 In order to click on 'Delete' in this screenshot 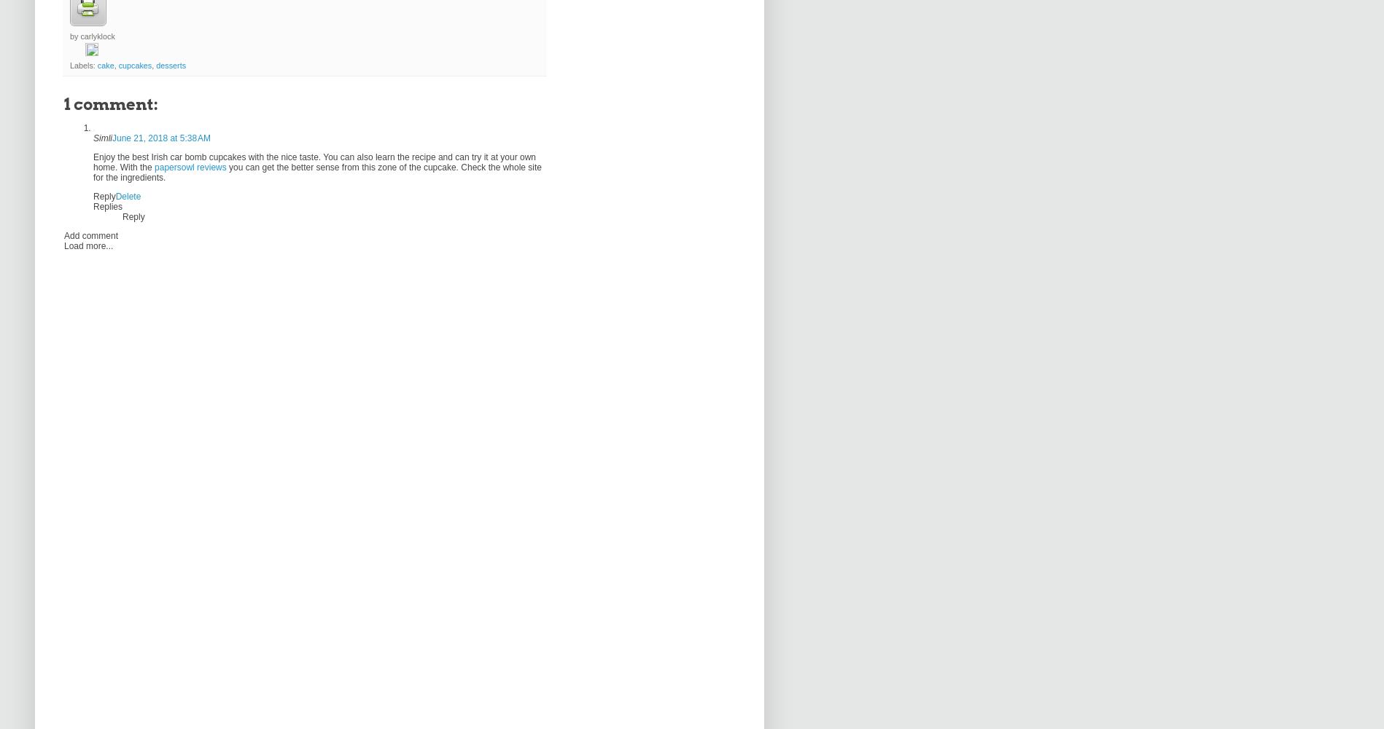, I will do `click(127, 195)`.